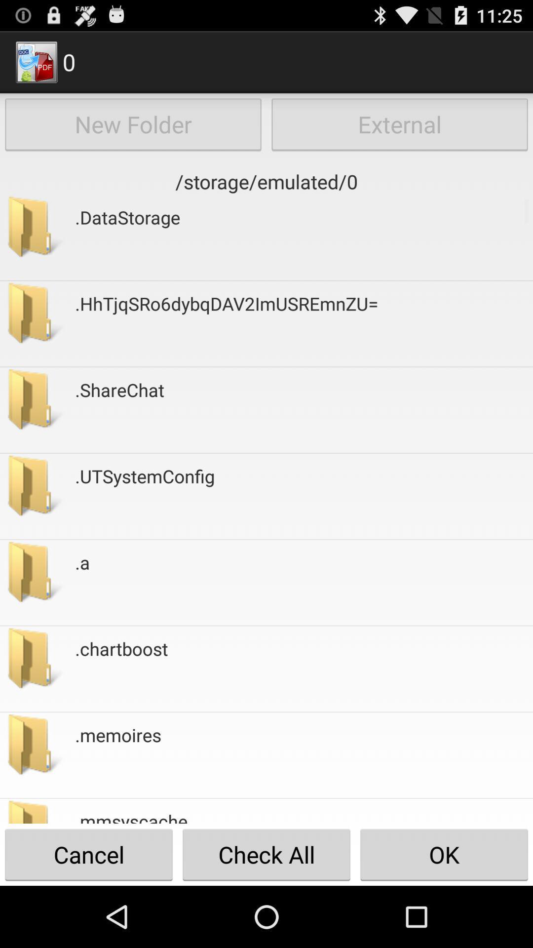 The width and height of the screenshot is (533, 948). I want to click on the button to the left of the ok, so click(131, 816).